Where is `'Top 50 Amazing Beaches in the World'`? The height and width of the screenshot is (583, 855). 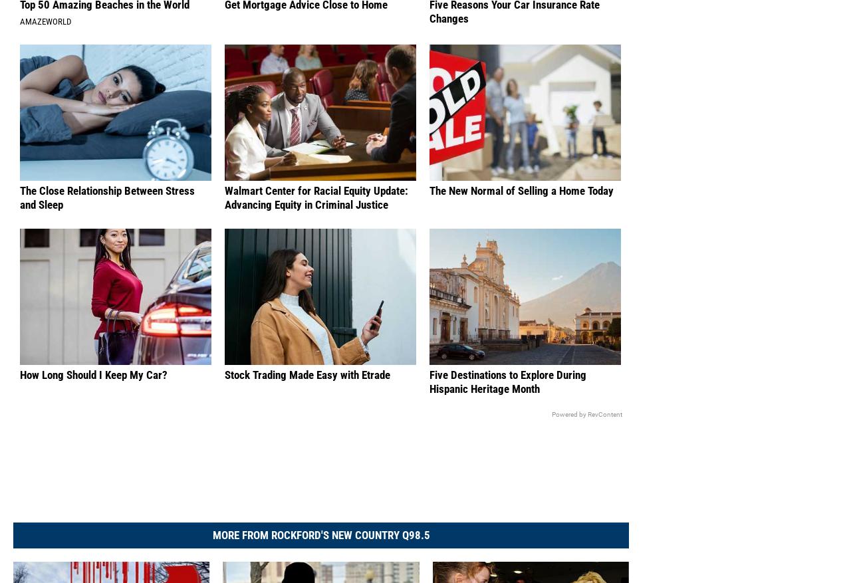 'Top 50 Amazing Beaches in the World' is located at coordinates (104, 19).